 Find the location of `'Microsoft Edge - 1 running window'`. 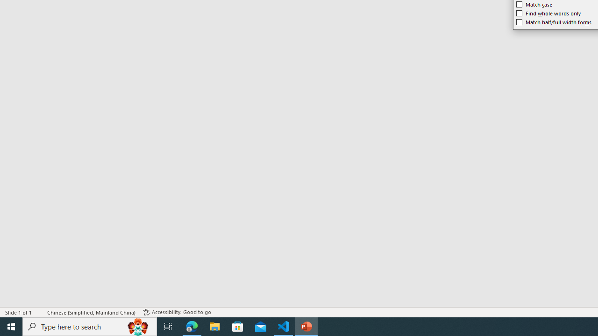

'Microsoft Edge - 1 running window' is located at coordinates (192, 326).